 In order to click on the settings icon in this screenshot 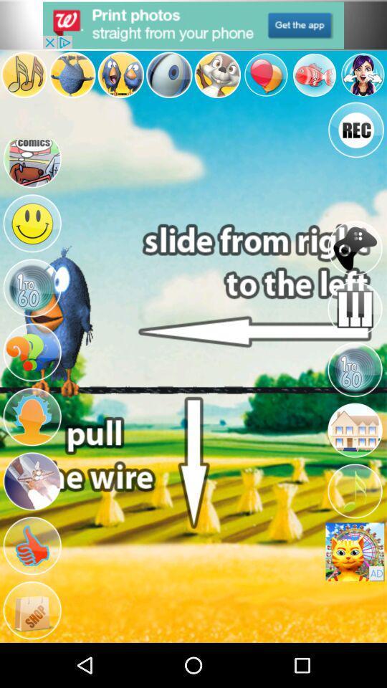, I will do `click(354, 396)`.